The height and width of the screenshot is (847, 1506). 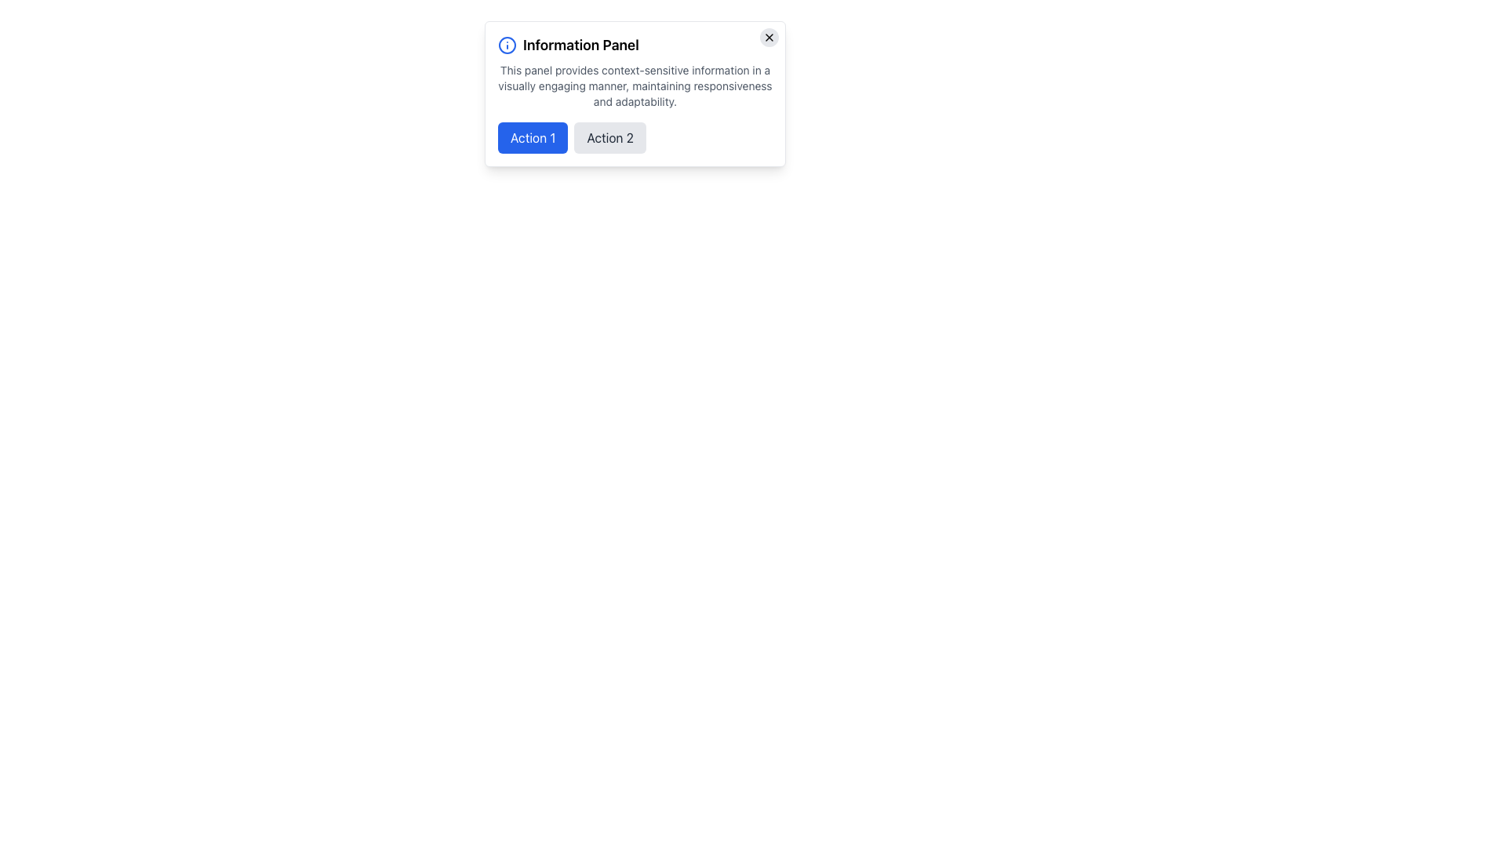 I want to click on the button labeled 'Action 1', so click(x=533, y=137).